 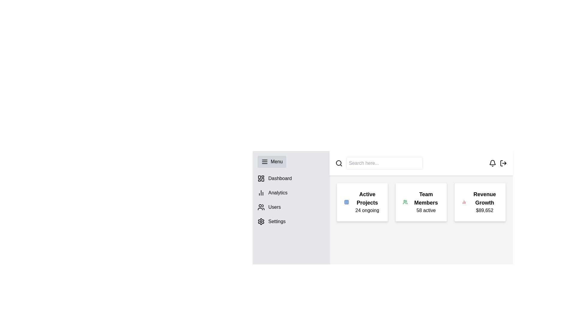 What do you see at coordinates (493, 163) in the screenshot?
I see `the bell icon button in the top right corner` at bounding box center [493, 163].